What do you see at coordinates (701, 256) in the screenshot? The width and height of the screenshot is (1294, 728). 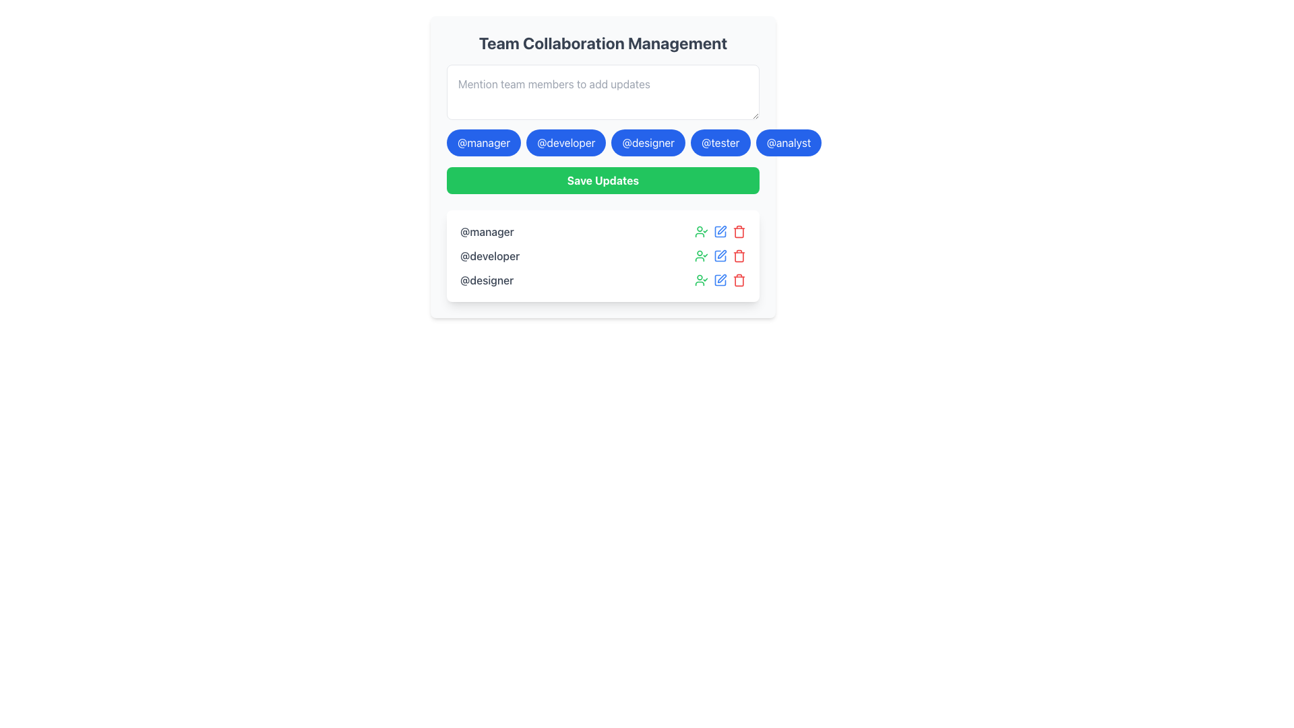 I see `the user management button in the second slot of the horizontal row associated with the '@developer' label` at bounding box center [701, 256].